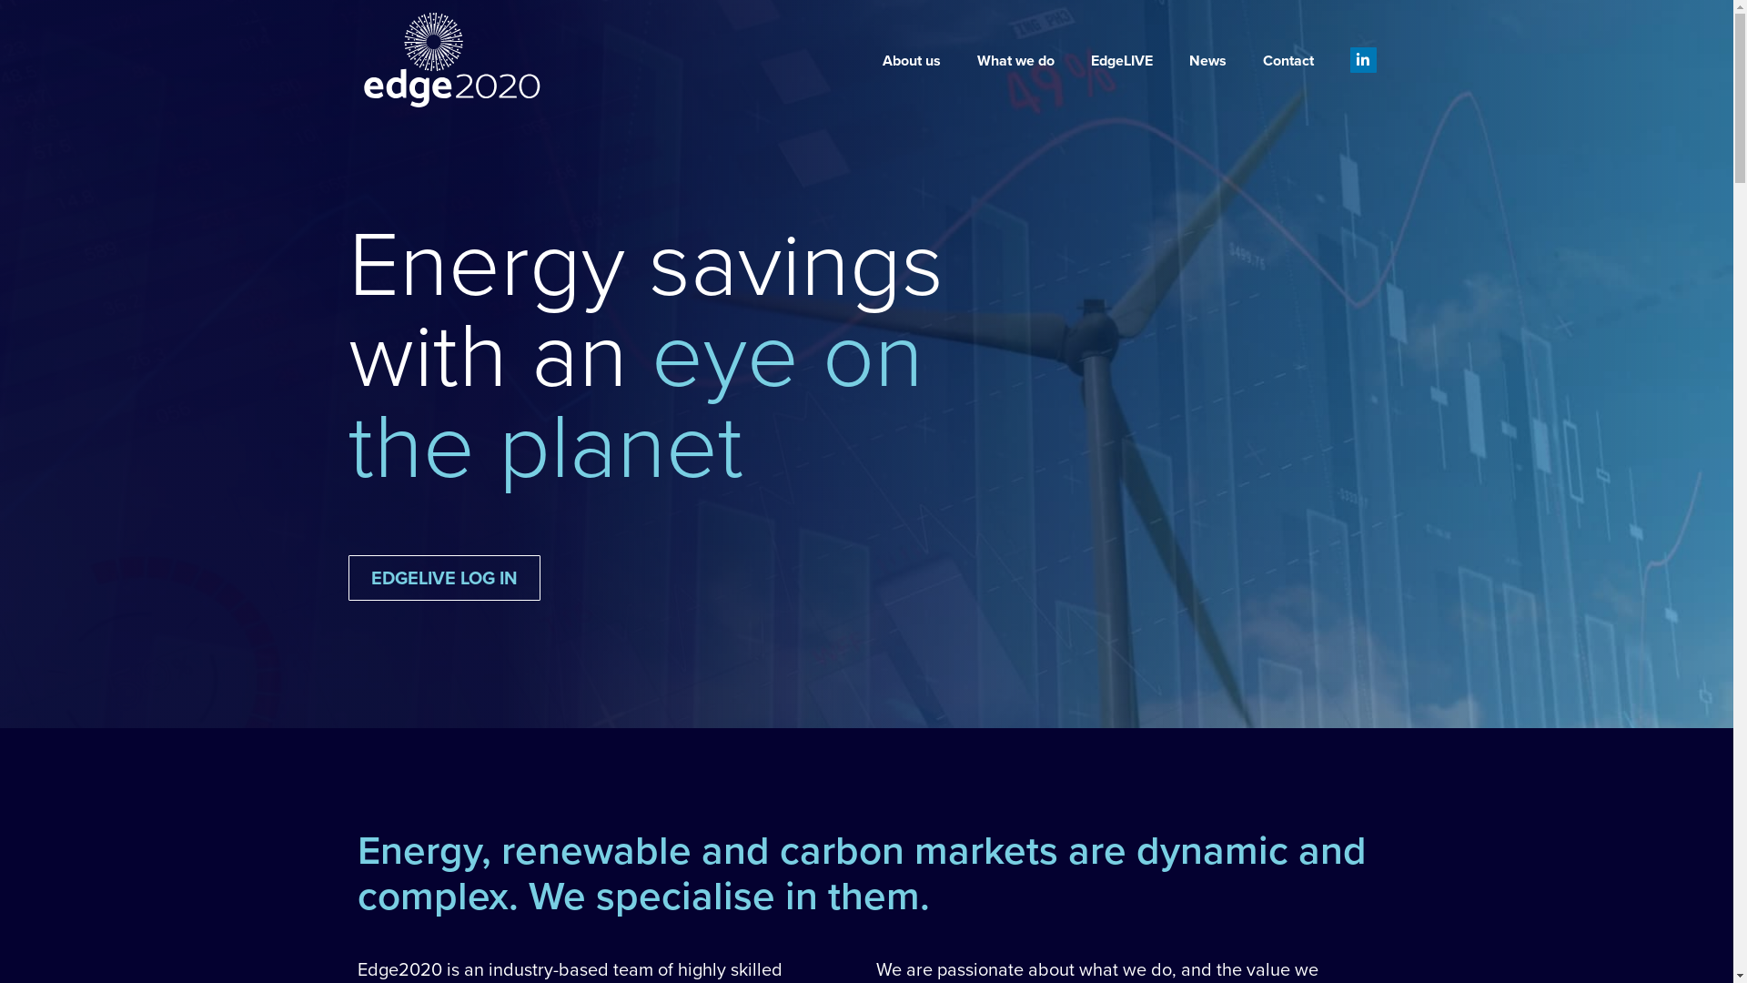 The width and height of the screenshot is (1747, 983). Describe the element at coordinates (1207, 59) in the screenshot. I see `'News'` at that location.